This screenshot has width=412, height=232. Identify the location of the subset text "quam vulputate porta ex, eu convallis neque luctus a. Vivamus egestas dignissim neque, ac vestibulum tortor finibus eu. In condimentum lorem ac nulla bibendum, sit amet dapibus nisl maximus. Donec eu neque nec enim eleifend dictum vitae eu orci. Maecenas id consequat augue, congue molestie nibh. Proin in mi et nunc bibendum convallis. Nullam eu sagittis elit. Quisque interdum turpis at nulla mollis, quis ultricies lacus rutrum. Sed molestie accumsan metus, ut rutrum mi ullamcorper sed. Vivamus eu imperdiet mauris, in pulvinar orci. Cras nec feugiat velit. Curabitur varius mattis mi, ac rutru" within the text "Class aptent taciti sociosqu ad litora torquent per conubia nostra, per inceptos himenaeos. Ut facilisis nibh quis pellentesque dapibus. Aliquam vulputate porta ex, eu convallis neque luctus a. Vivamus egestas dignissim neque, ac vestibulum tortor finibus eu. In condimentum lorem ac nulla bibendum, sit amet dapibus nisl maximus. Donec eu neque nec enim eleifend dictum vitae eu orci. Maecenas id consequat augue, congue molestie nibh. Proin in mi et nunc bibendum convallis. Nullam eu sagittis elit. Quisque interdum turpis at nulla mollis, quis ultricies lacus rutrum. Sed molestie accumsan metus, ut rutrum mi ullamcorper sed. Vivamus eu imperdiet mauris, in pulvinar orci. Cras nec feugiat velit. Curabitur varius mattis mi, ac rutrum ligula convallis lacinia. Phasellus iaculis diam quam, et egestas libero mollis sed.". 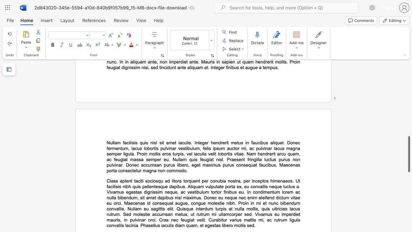
(192, 187).